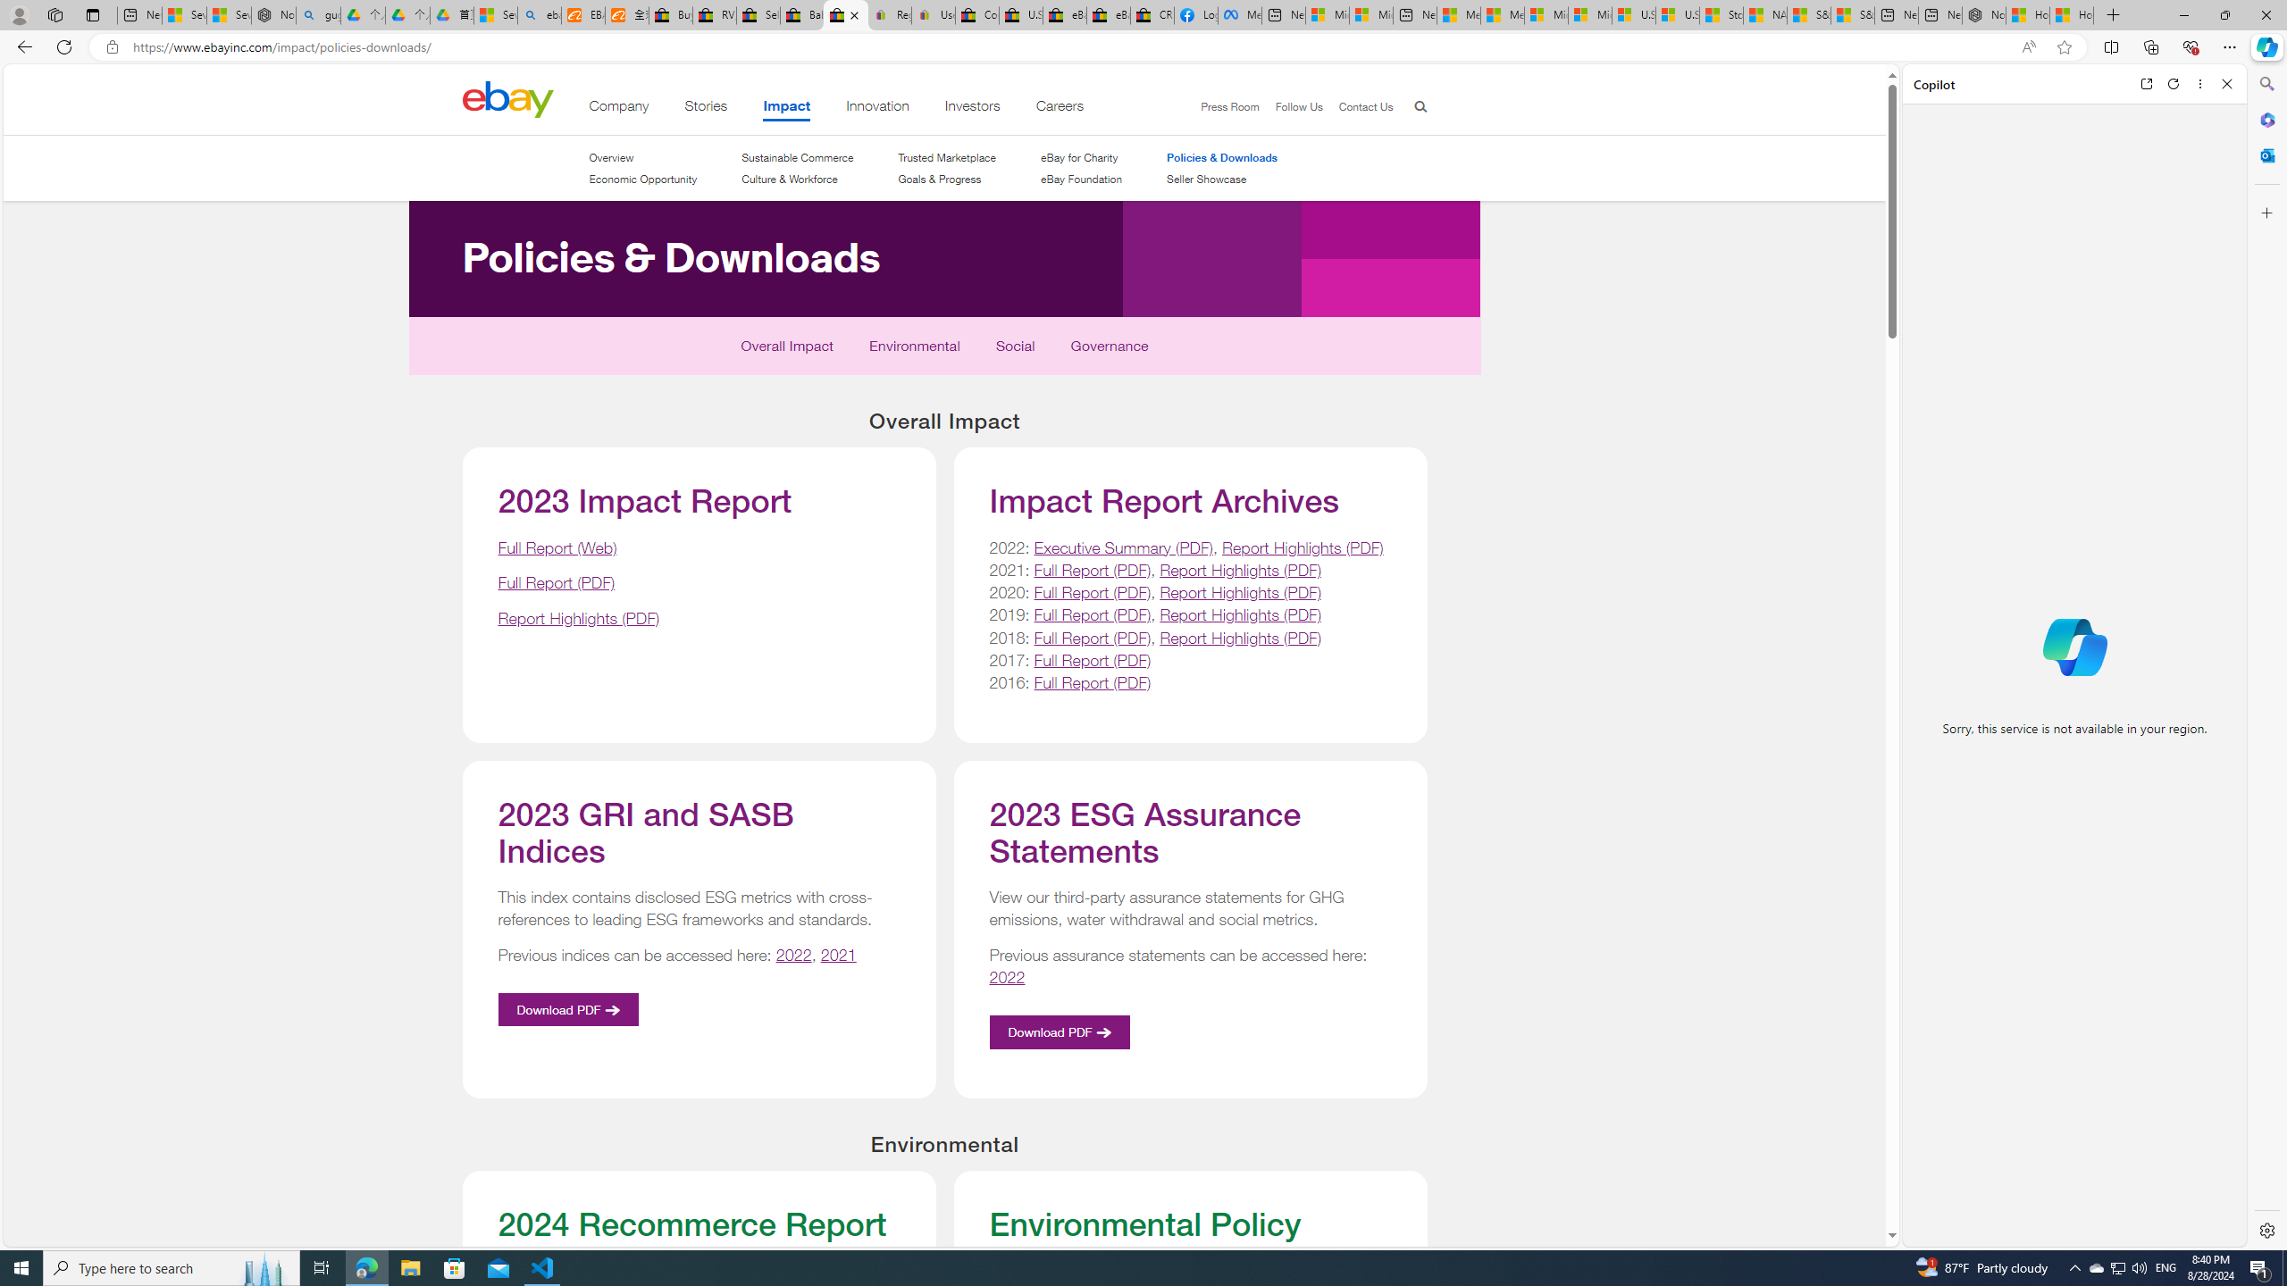  Describe the element at coordinates (797, 157) in the screenshot. I see `'Sustainable Commerce'` at that location.